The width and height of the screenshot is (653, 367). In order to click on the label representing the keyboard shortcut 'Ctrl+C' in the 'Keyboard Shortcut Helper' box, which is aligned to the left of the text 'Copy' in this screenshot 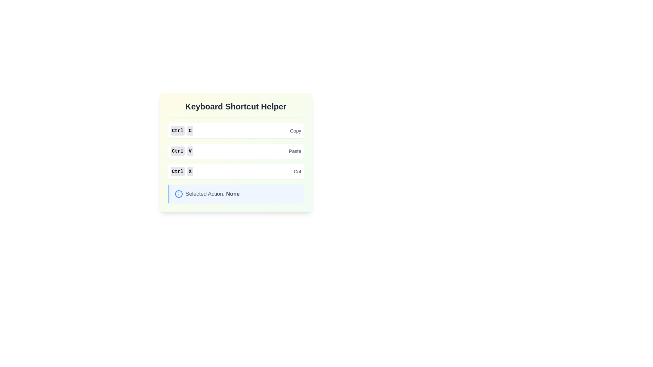, I will do `click(182, 131)`.